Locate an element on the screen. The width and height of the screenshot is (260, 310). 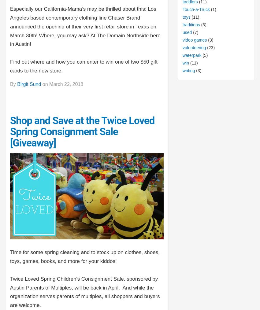
'on March 22, 2018' is located at coordinates (61, 84).